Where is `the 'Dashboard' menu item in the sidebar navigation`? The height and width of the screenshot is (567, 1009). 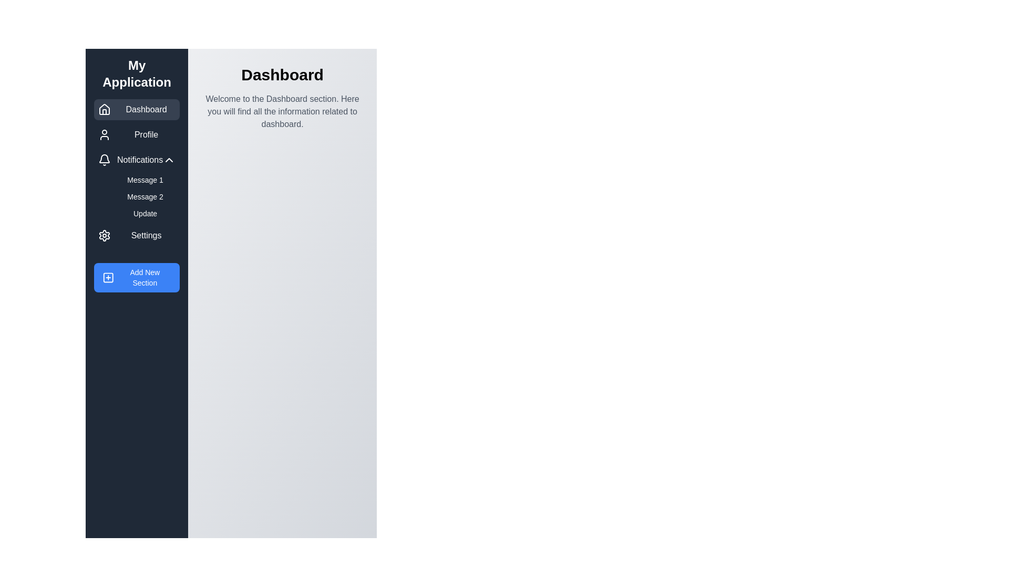 the 'Dashboard' menu item in the sidebar navigation is located at coordinates (136, 109).